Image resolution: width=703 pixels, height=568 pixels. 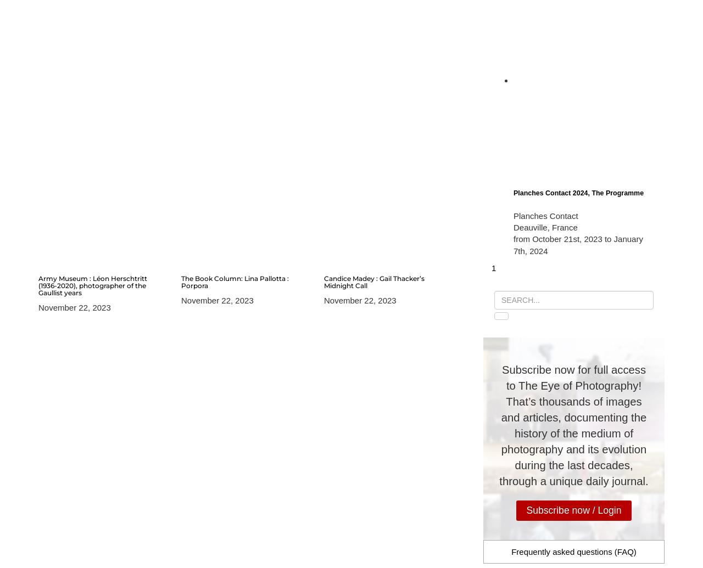 I want to click on 'Candice Madey : Gail Thacker’s Midnight Call', so click(x=373, y=282).